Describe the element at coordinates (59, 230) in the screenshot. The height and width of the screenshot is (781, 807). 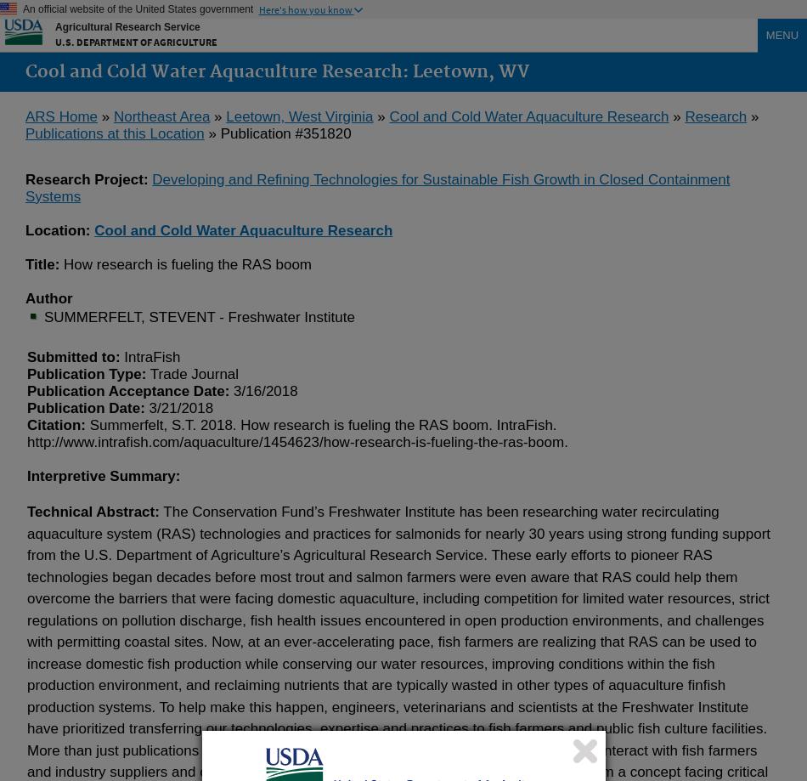
I see `'Location:'` at that location.